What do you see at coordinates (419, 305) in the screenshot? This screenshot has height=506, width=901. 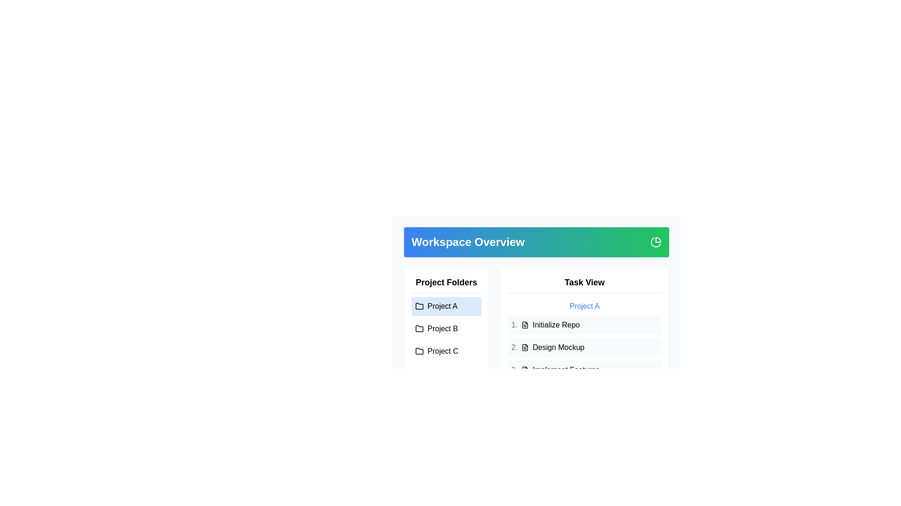 I see `the icon representing the folder associated with 'Project A' located in the 'Project Folders' section of the left-hand sidebar menu` at bounding box center [419, 305].